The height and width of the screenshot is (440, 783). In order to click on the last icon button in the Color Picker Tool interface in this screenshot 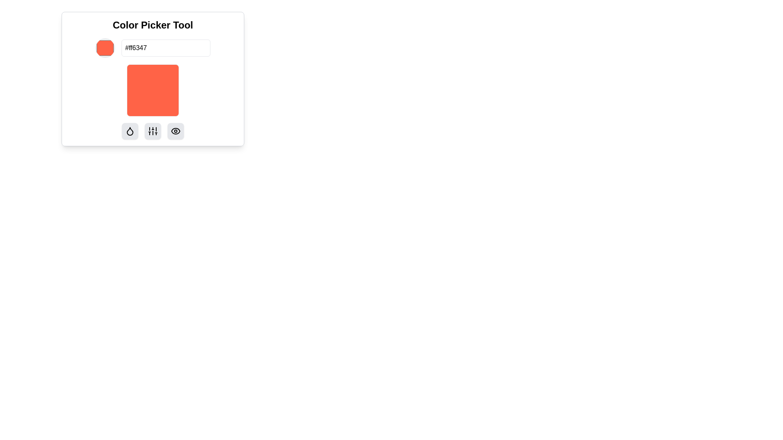, I will do `click(175, 130)`.